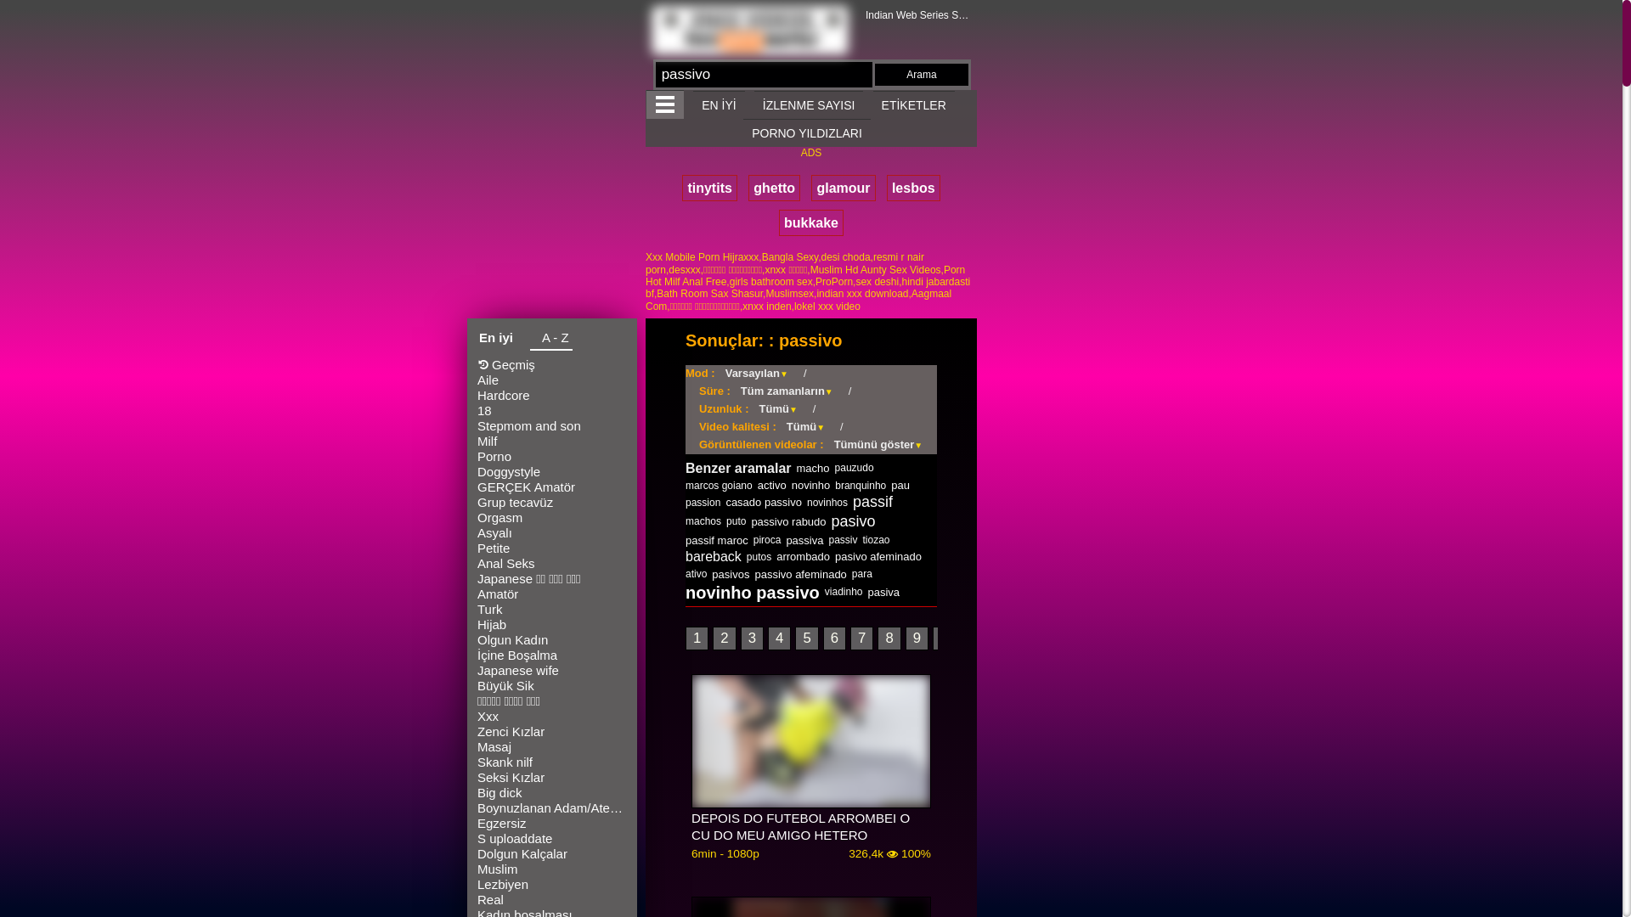 This screenshot has width=1631, height=917. Describe the element at coordinates (551, 441) in the screenshot. I see `'Milf'` at that location.